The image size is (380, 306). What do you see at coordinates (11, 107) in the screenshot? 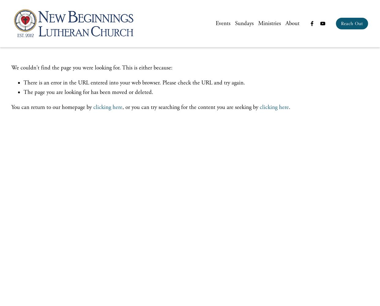
I see `'You can return to our homepage by'` at bounding box center [11, 107].